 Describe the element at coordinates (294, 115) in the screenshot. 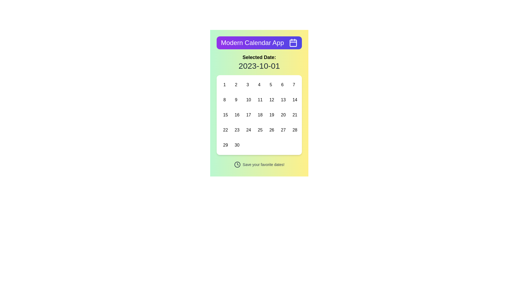

I see `the date selection button for '21' in the calendar interface` at that location.